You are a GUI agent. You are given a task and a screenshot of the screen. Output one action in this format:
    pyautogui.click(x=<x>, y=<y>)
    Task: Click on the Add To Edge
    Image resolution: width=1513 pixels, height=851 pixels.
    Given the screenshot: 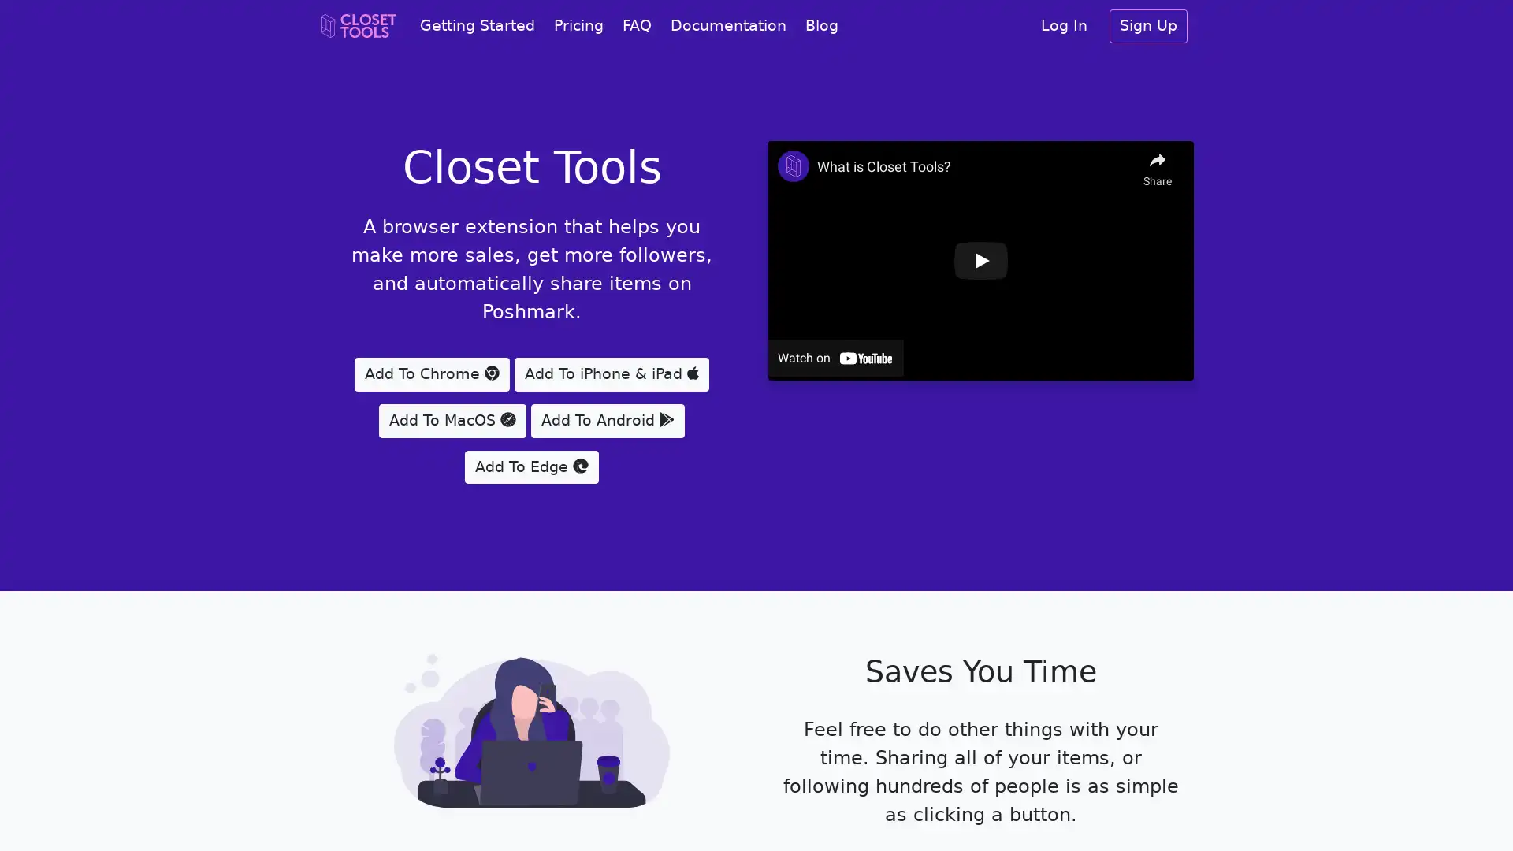 What is the action you would take?
    pyautogui.click(x=531, y=466)
    